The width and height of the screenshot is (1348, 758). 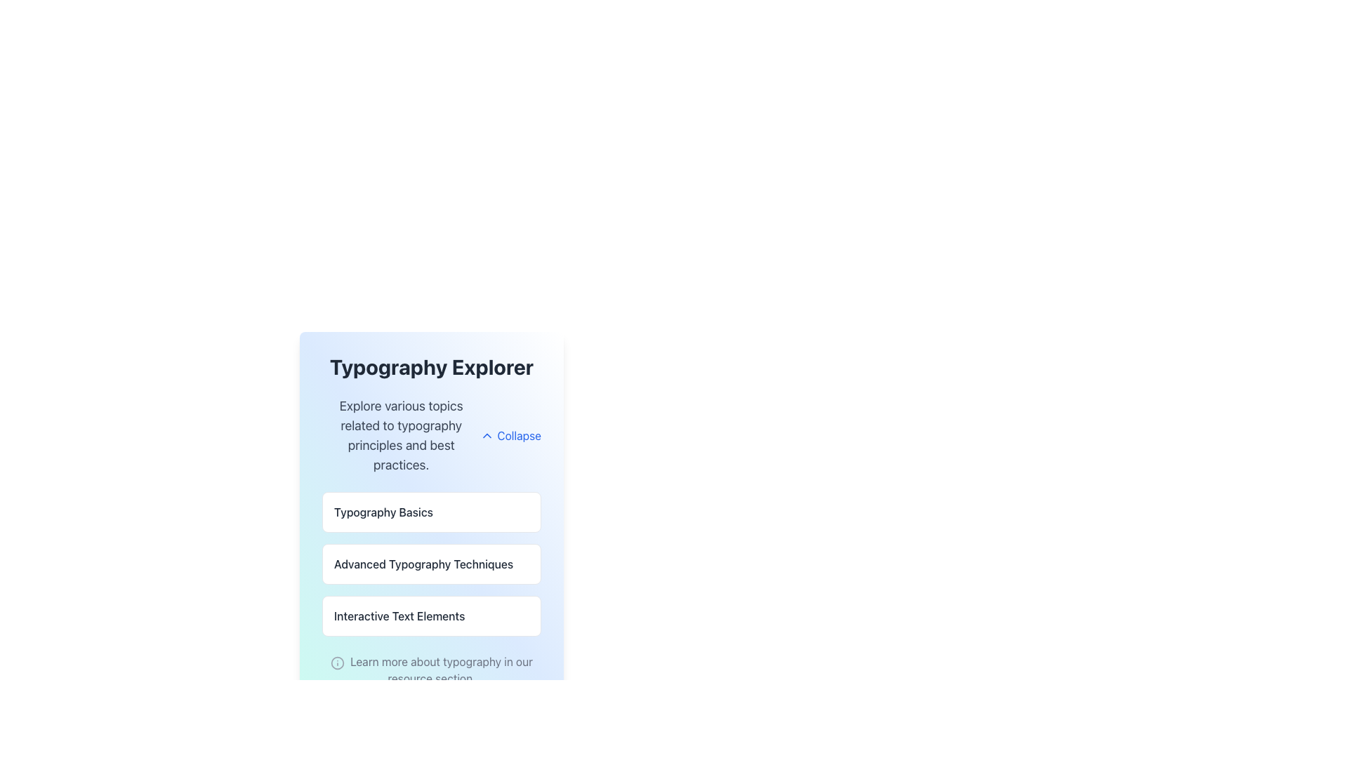 What do you see at coordinates (430, 520) in the screenshot?
I see `the 'Typography Basics' button, which is the first button in a vertical stack under the 'Typography Explorer' title and above the 'Advanced Typography Techniques' button` at bounding box center [430, 520].